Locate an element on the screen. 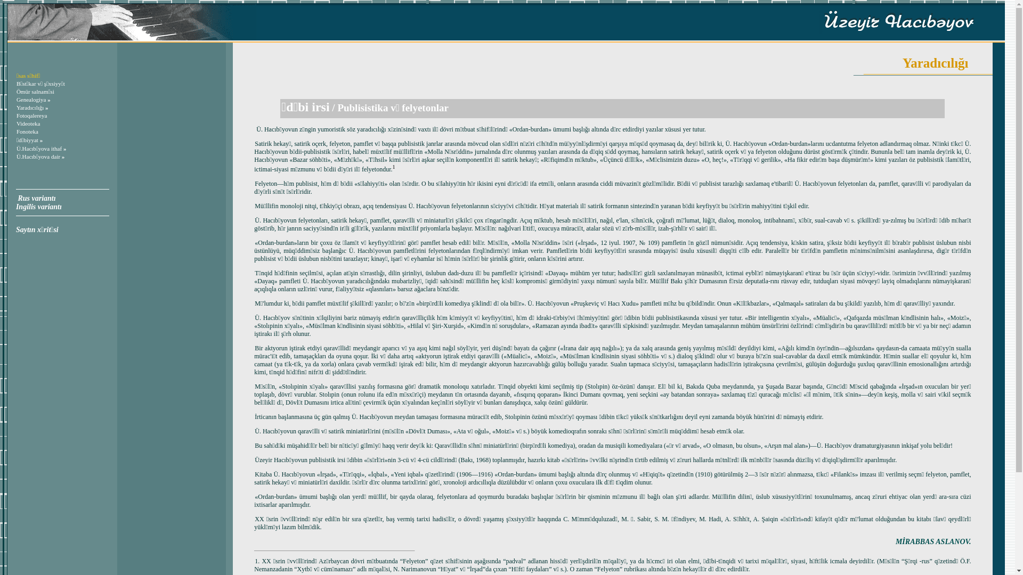 This screenshot has height=575, width=1023. '1' is located at coordinates (393, 167).